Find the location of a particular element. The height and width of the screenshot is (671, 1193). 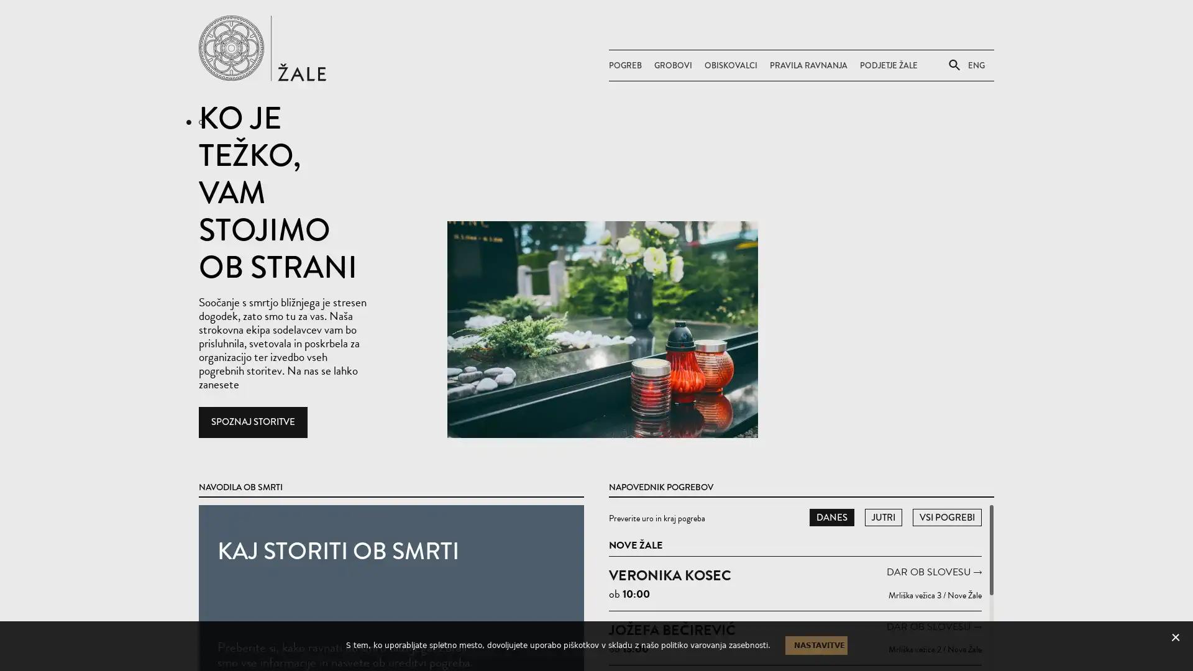

ISCI is located at coordinates (944, 152).